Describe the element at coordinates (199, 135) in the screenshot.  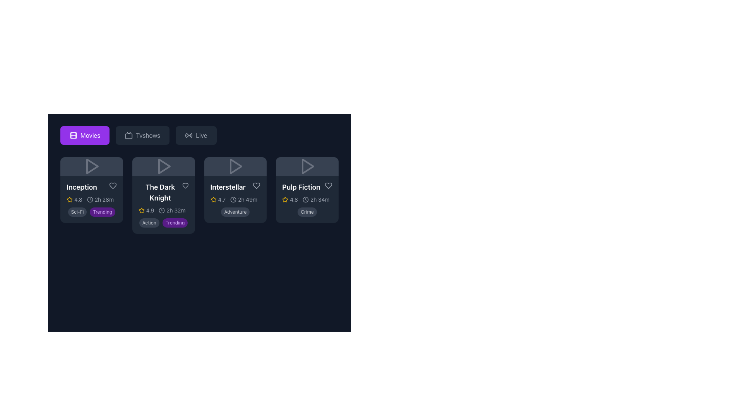
I see `the 'Movies' tab in the navigation bar` at that location.